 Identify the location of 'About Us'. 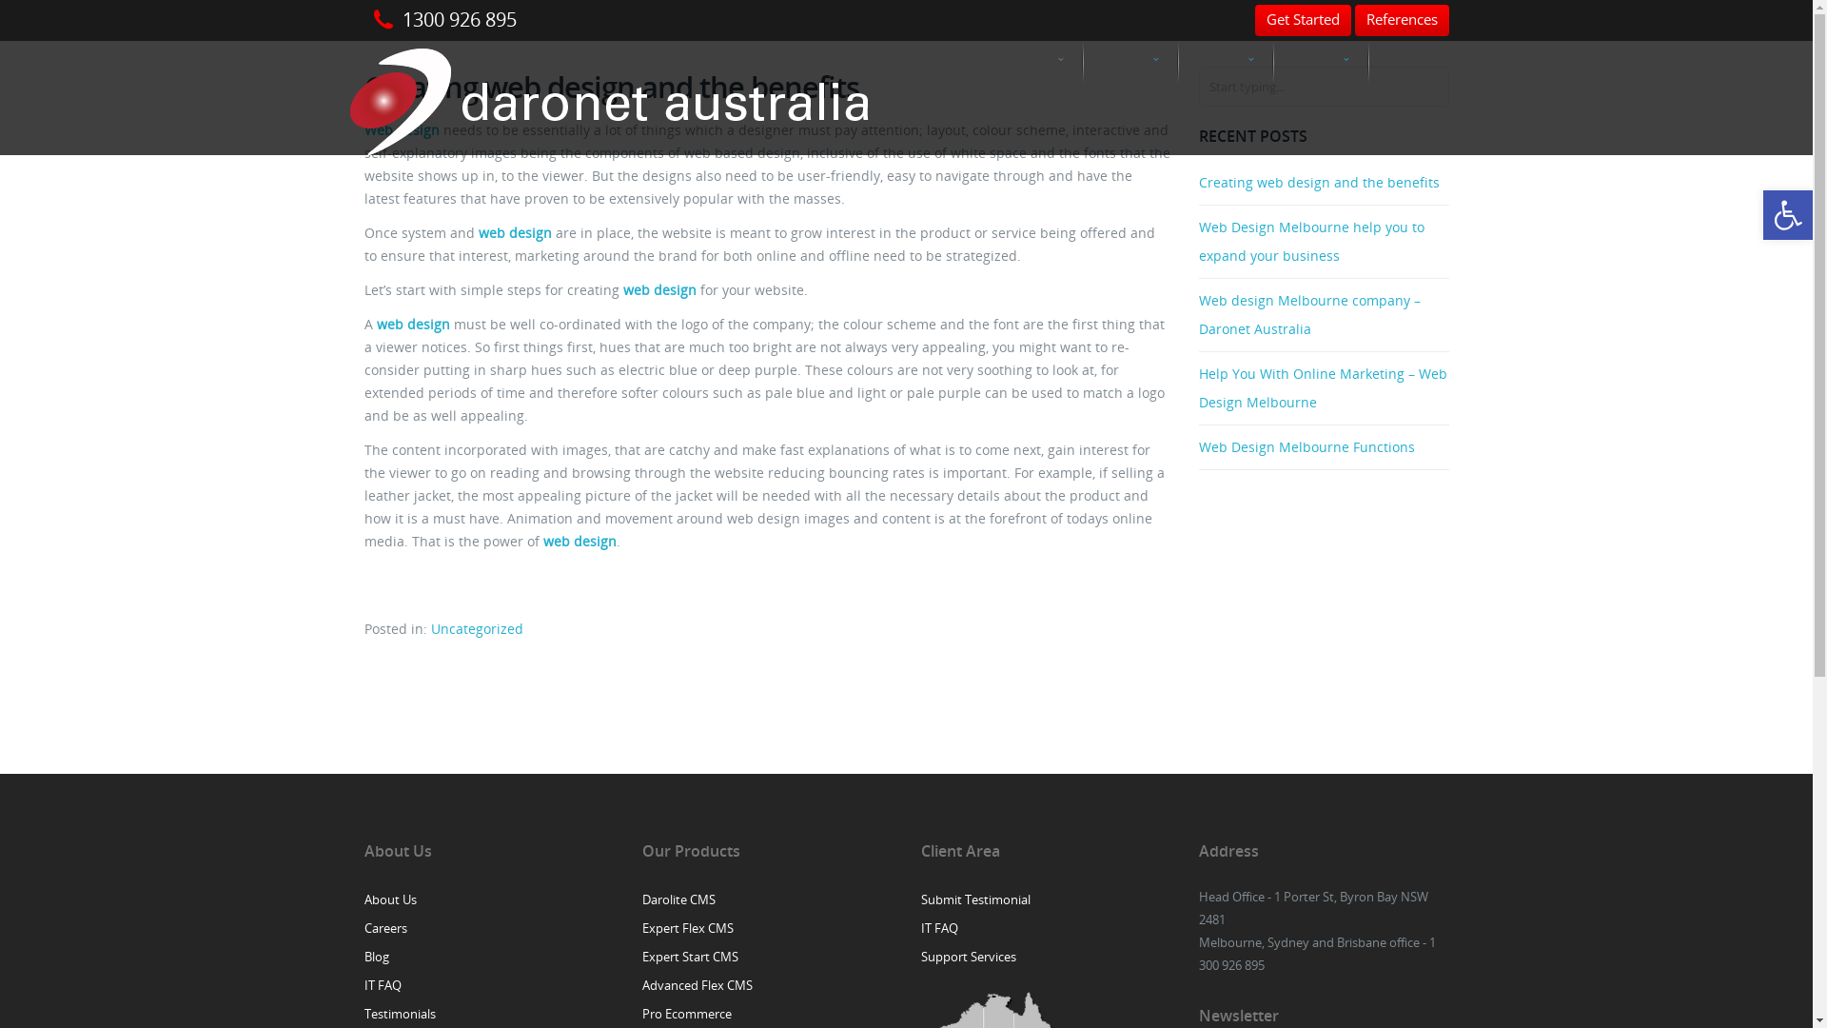
(388, 899).